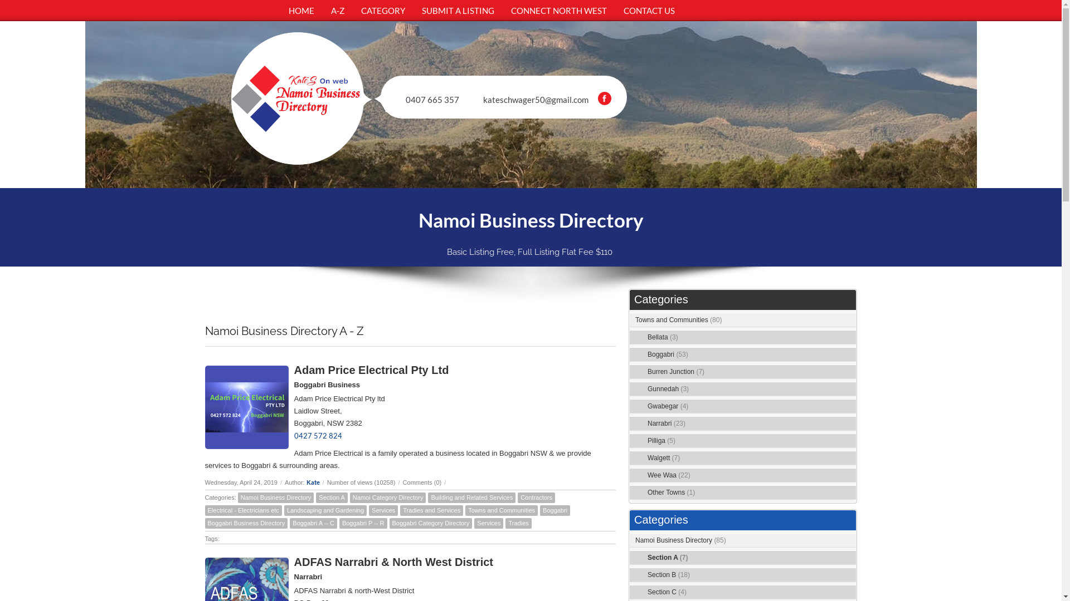 The image size is (1070, 601). What do you see at coordinates (331, 497) in the screenshot?
I see `'Section A'` at bounding box center [331, 497].